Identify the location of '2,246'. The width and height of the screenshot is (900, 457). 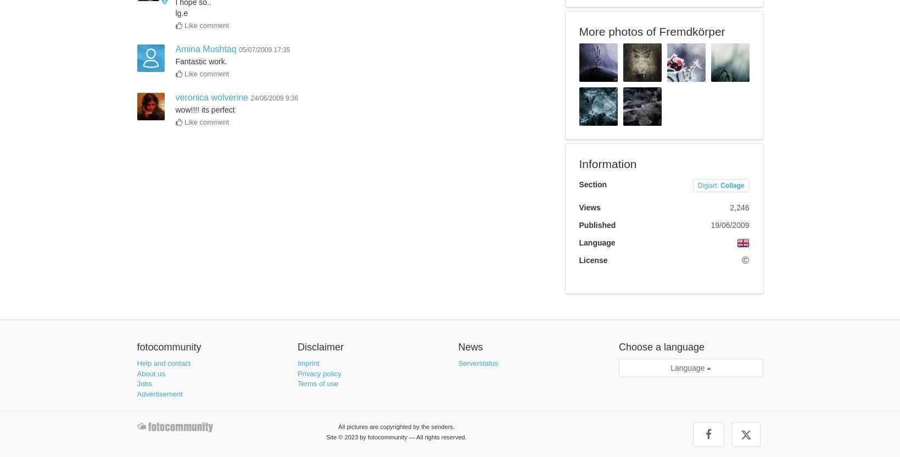
(739, 206).